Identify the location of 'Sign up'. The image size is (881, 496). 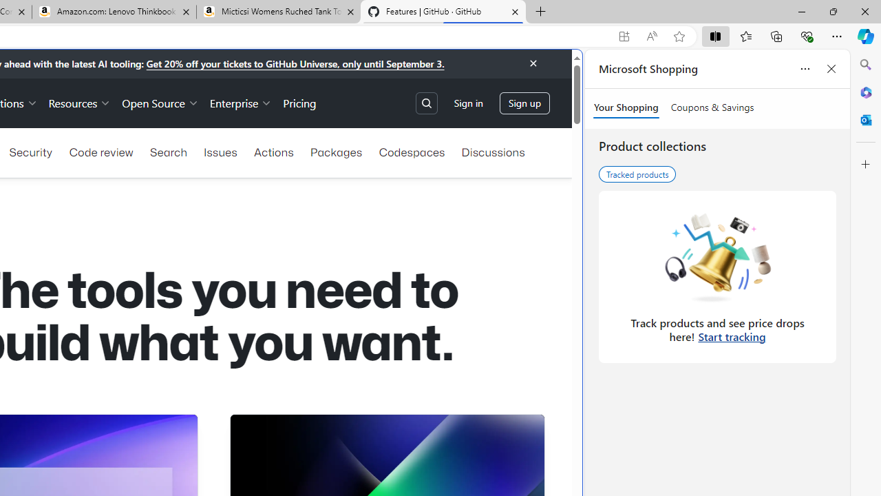
(524, 102).